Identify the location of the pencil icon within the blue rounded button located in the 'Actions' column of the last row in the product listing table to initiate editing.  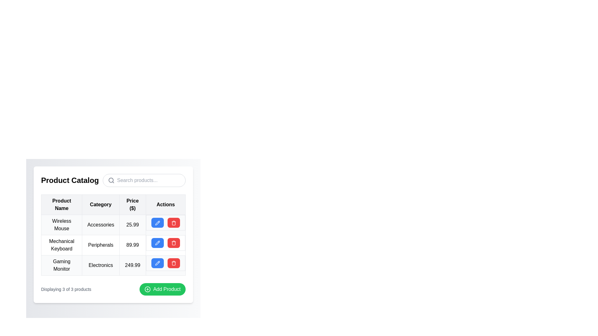
(157, 263).